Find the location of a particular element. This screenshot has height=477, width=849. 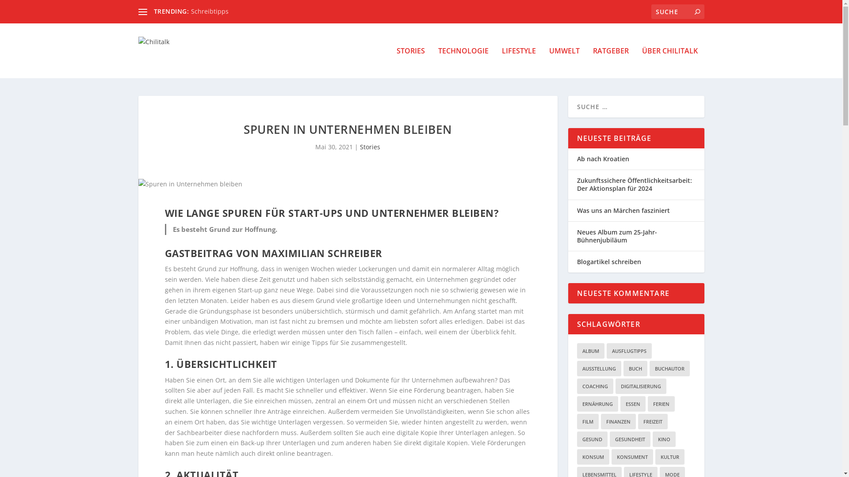

'FILM' is located at coordinates (587, 421).